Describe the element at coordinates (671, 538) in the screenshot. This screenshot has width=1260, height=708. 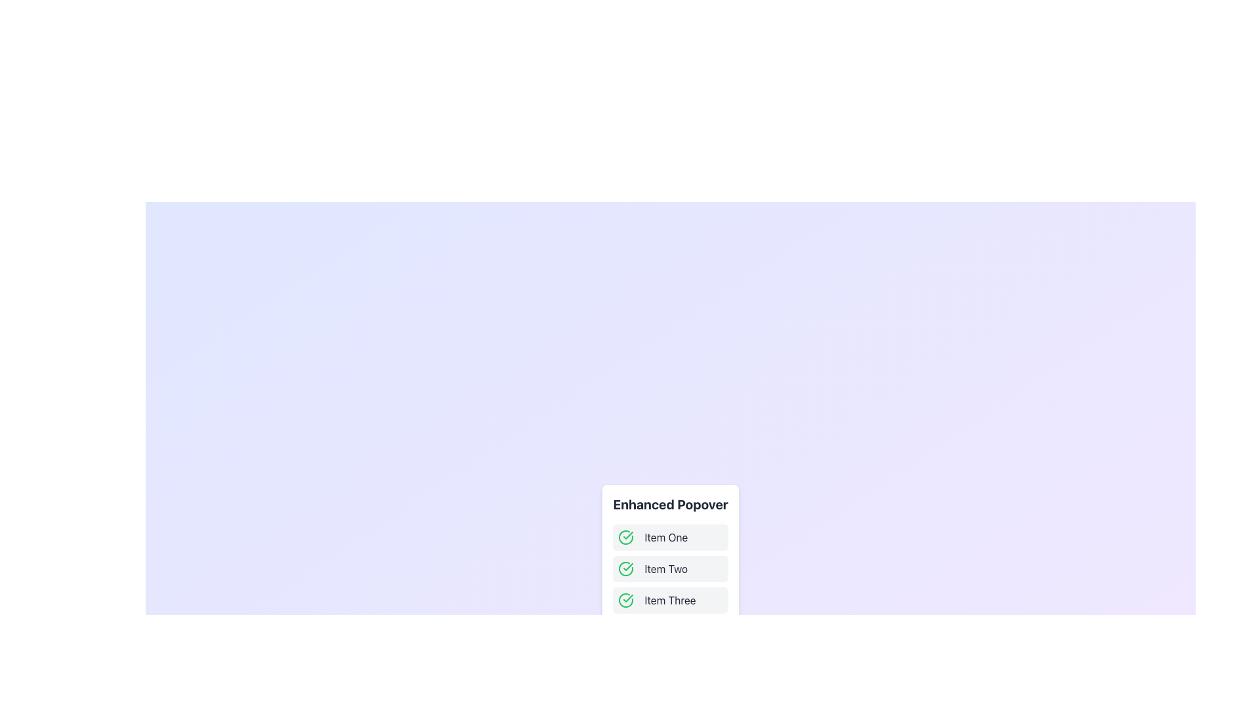
I see `text of the first item in the vertical list titled 'Item One' in the Enhanced Popover, which features a green checkmark icon and a light gray background` at that location.